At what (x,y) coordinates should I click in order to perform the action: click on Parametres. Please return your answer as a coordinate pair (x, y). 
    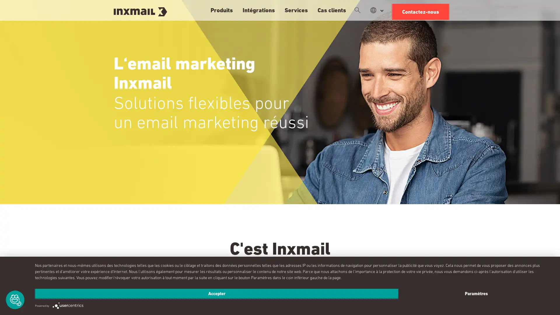
    Looking at the image, I should click on (476, 293).